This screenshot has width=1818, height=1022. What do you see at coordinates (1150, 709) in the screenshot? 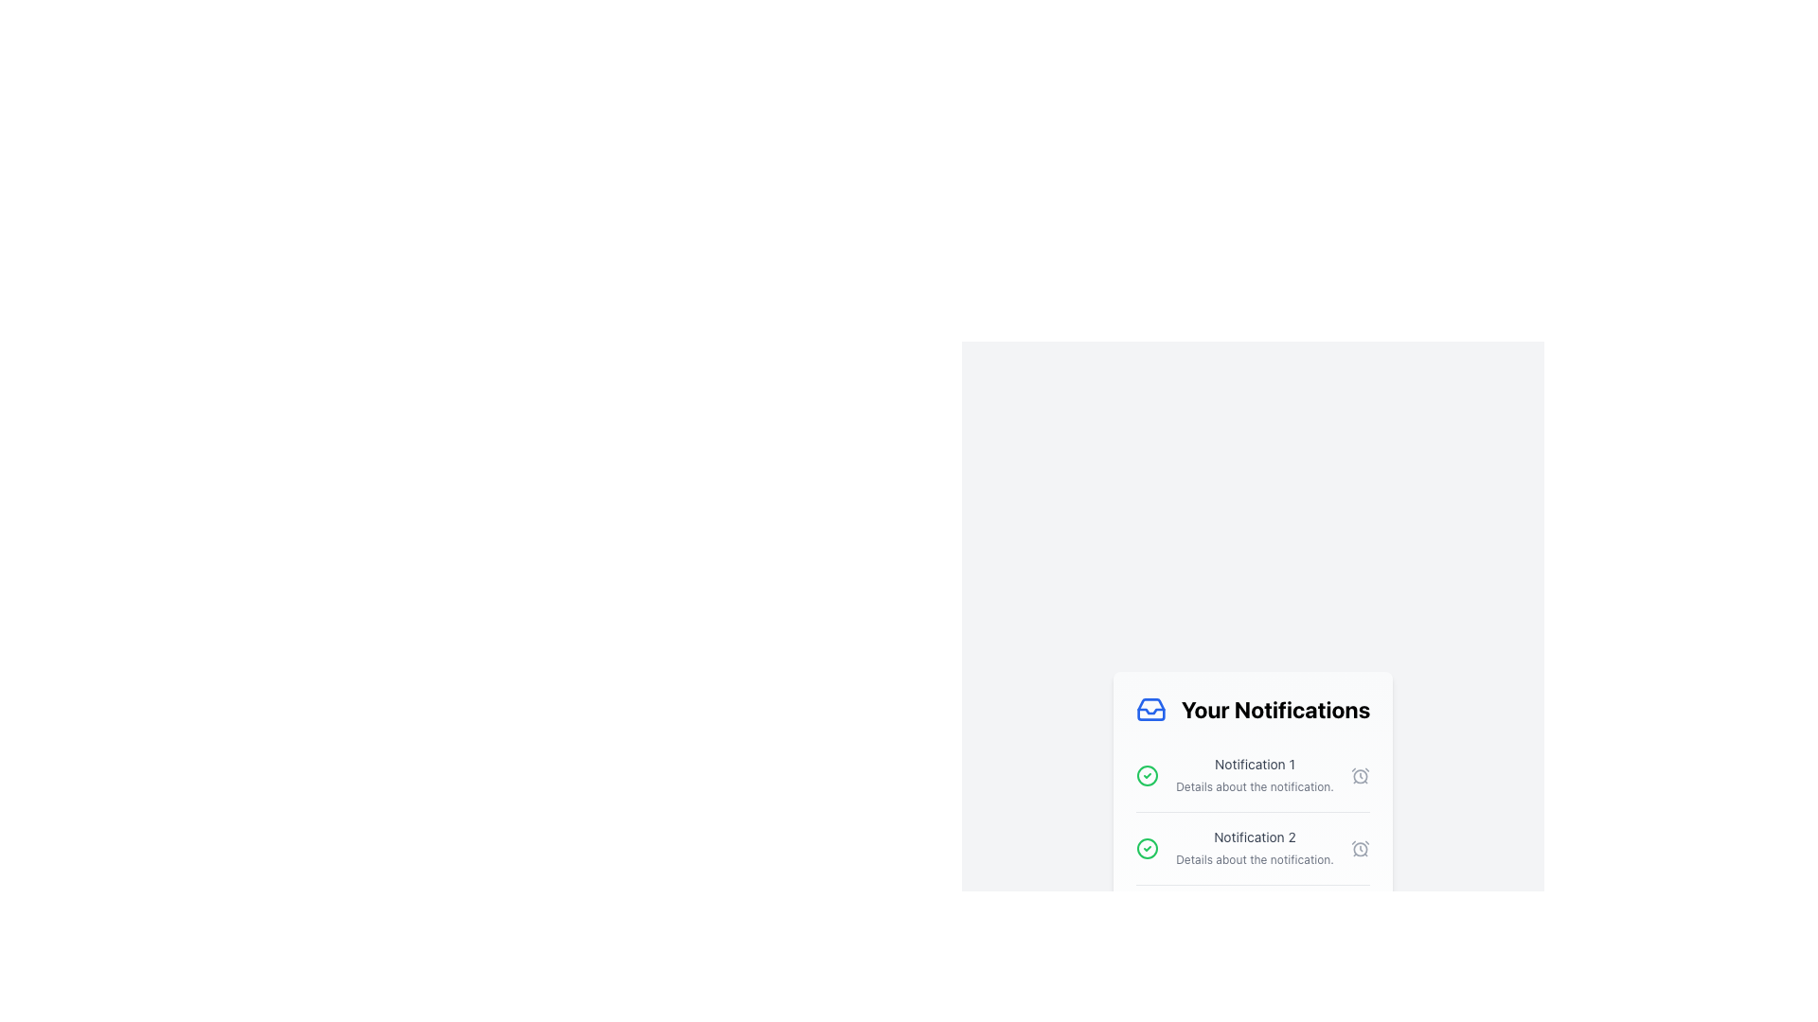
I see `the notification icon located to the left of the text 'Your Notifications'` at bounding box center [1150, 709].